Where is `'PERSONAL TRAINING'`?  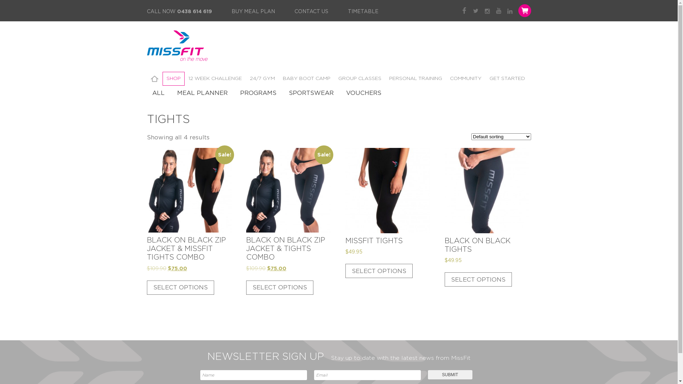 'PERSONAL TRAINING' is located at coordinates (415, 79).